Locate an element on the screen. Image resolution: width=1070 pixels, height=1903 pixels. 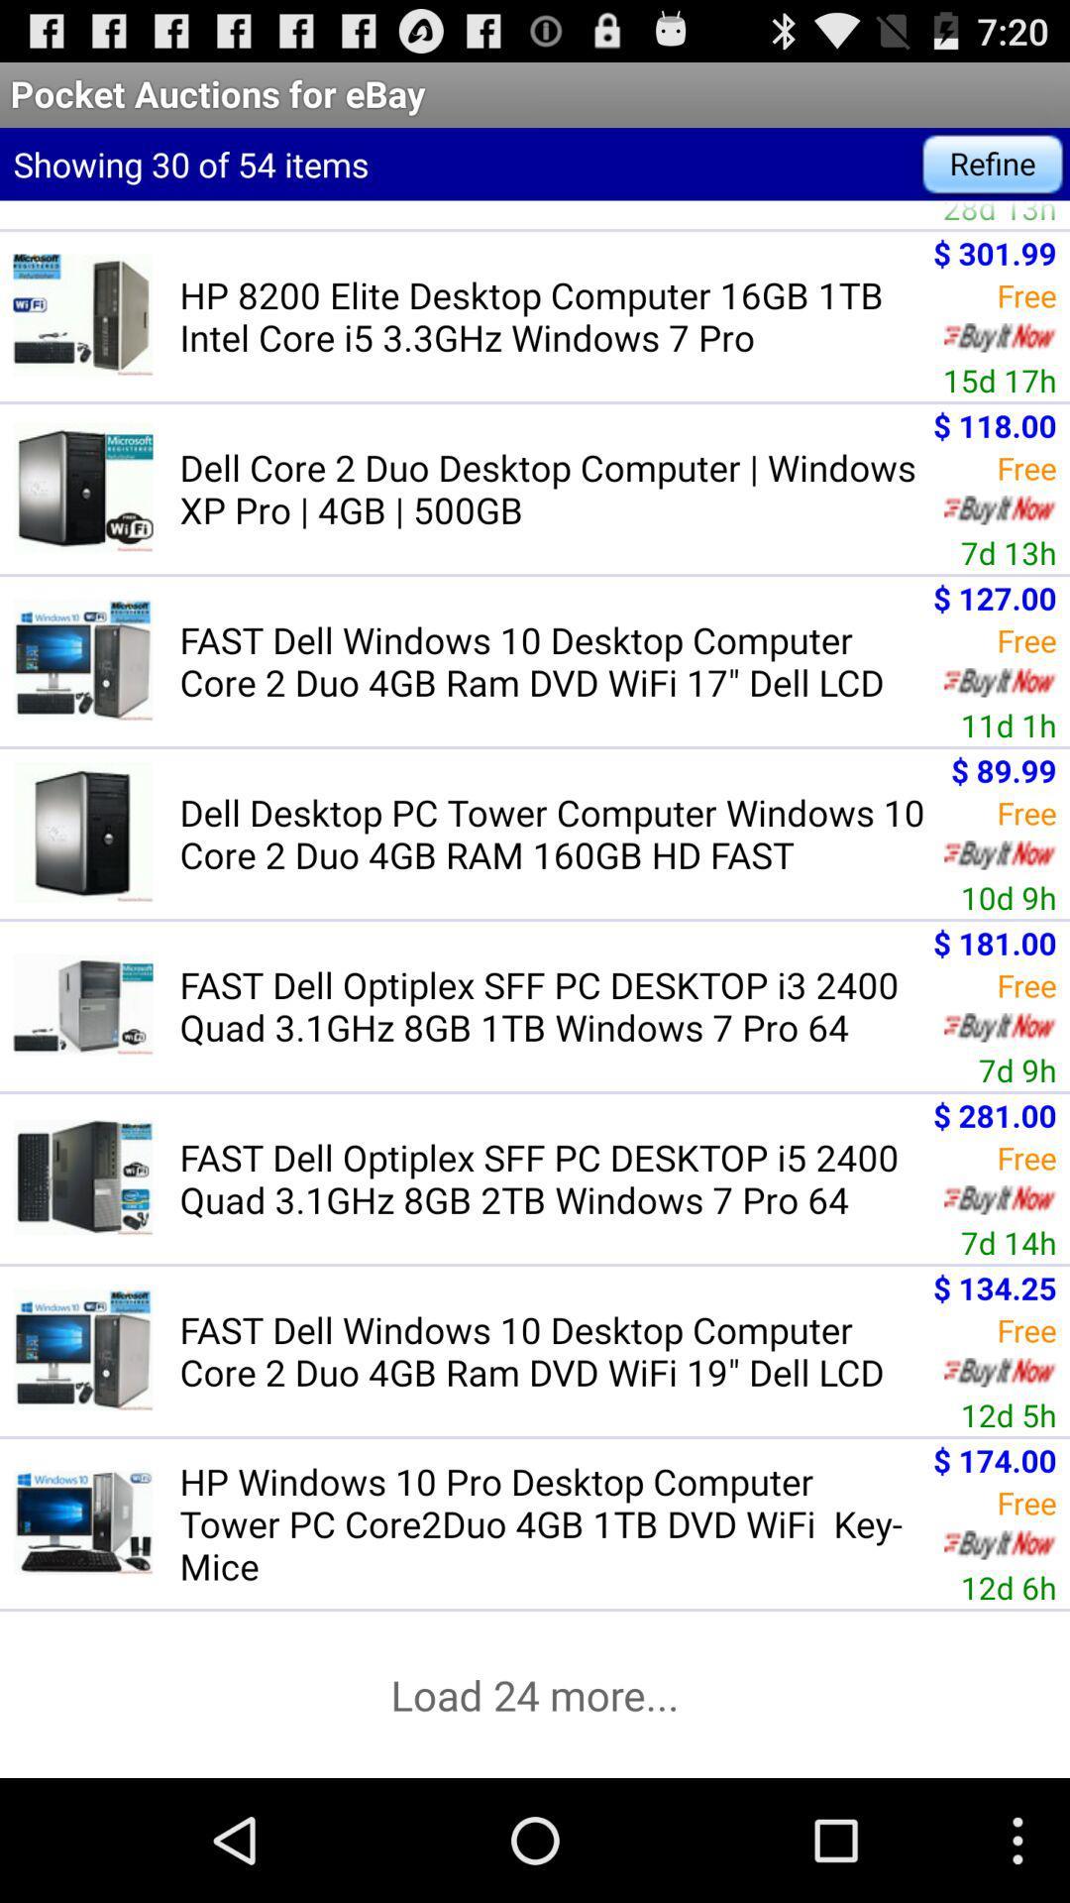
15d 17h icon is located at coordinates (1000, 380).